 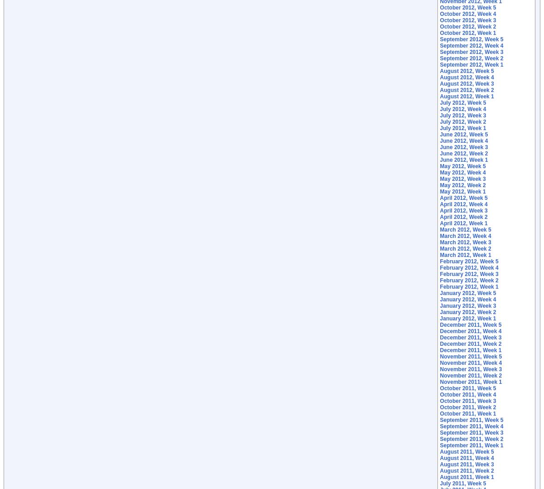 I want to click on 'August 2011, Week 1', so click(x=466, y=476).